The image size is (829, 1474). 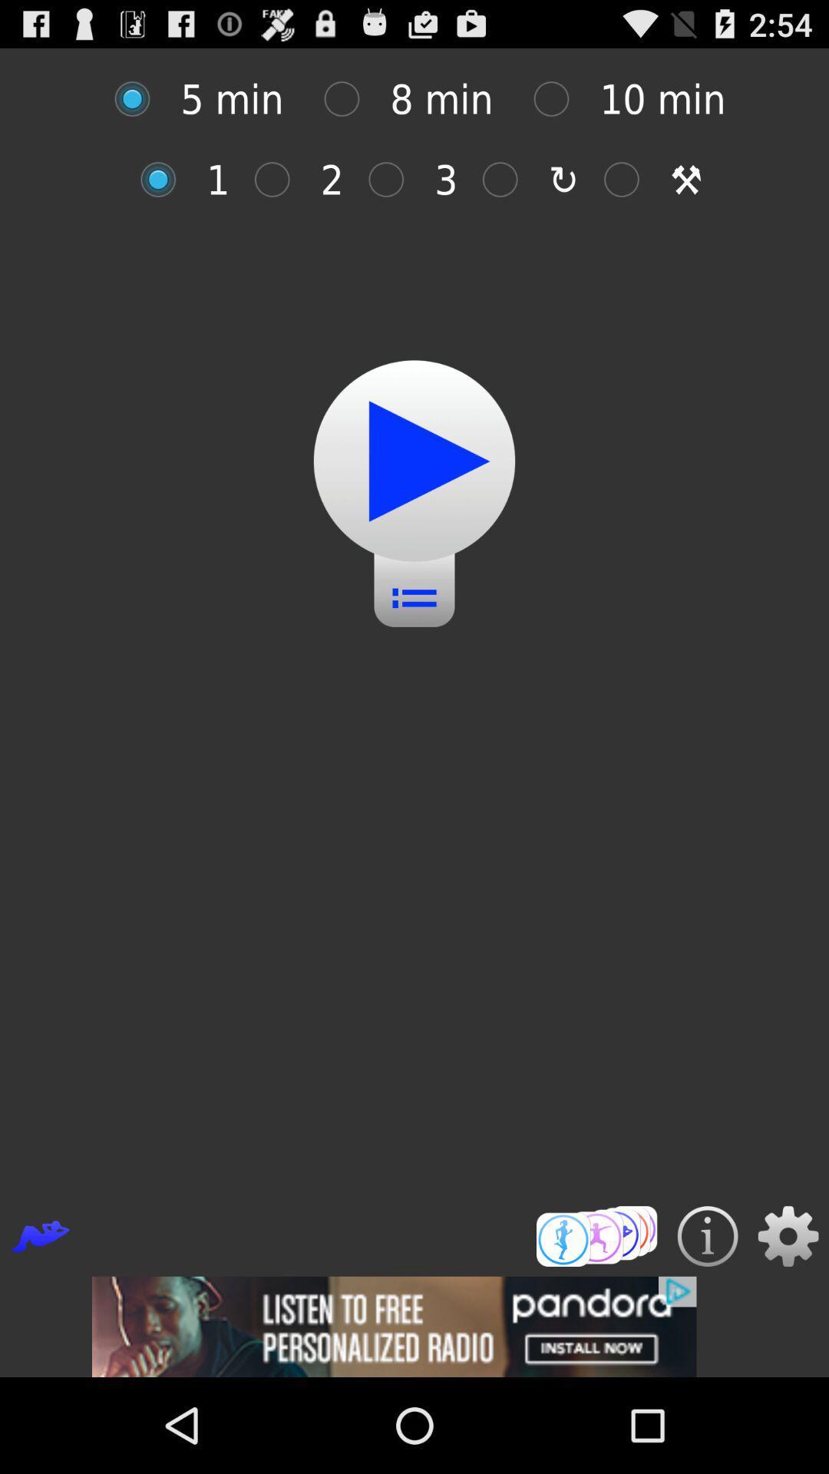 I want to click on button, so click(x=393, y=180).